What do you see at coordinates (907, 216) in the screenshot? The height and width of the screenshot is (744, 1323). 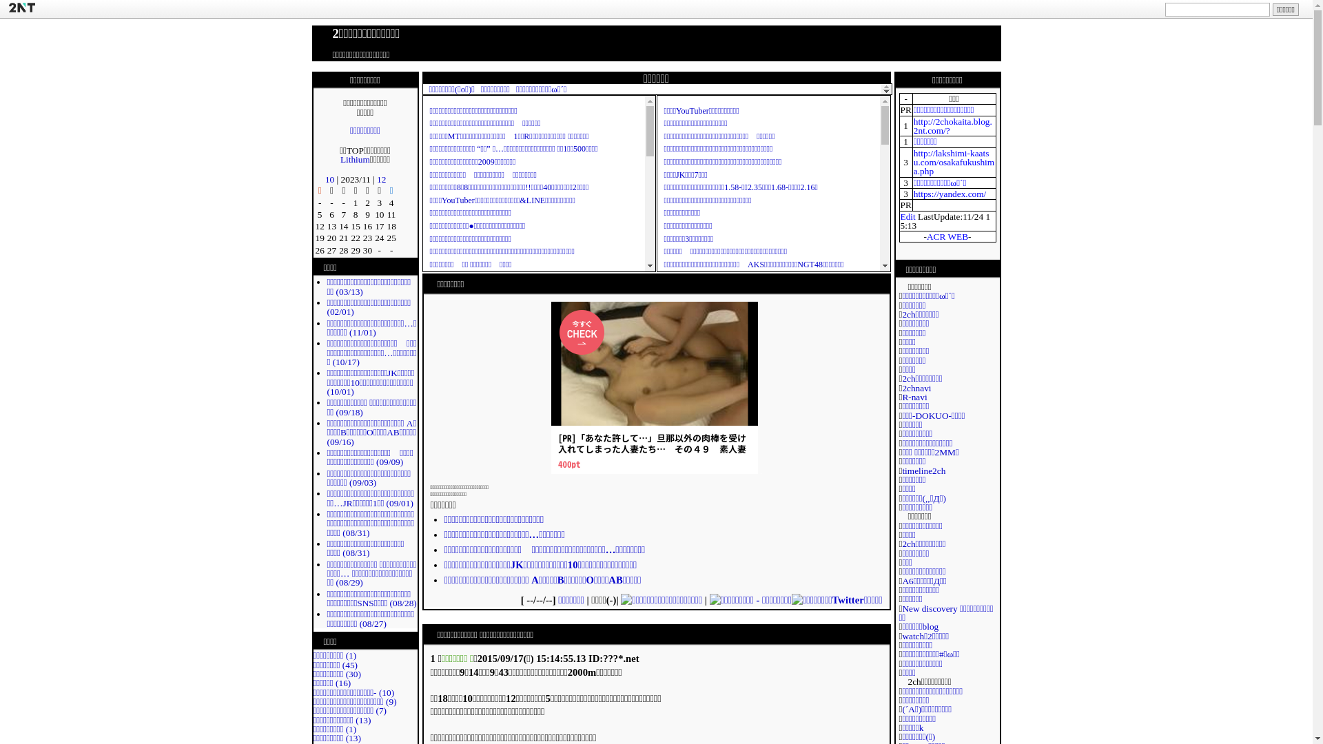 I see `'Edit'` at bounding box center [907, 216].